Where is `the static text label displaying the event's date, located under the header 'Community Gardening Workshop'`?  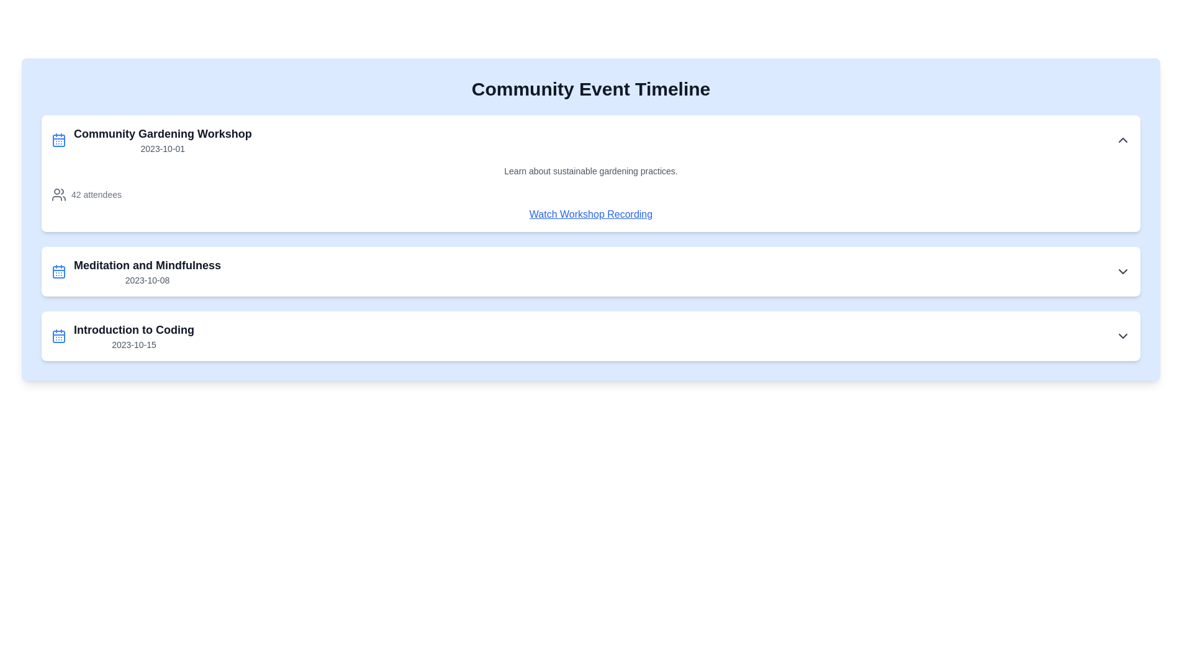 the static text label displaying the event's date, located under the header 'Community Gardening Workshop' is located at coordinates (162, 148).